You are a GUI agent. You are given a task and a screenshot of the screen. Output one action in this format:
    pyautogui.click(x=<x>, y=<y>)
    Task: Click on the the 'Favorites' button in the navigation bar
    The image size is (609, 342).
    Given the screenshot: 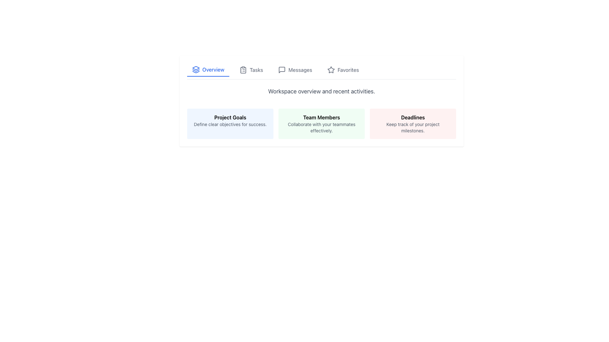 What is the action you would take?
    pyautogui.click(x=342, y=70)
    